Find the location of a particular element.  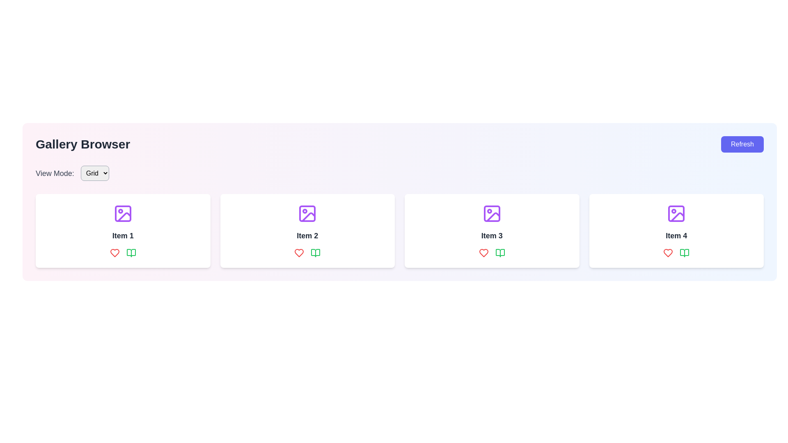

the green book icon button located in the fourth item card, positioned to the right of the heart icon, which is the second icon in the row of icons at the bottom of the card is located at coordinates (685, 253).